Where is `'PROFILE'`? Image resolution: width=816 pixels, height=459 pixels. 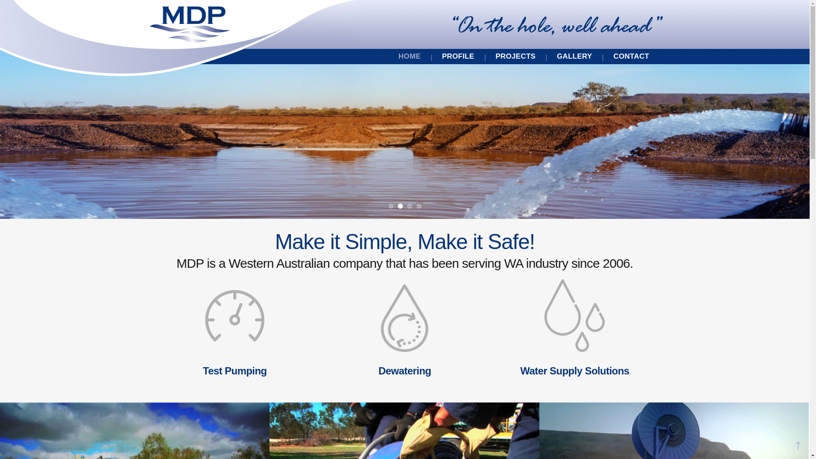 'PROFILE' is located at coordinates (458, 56).